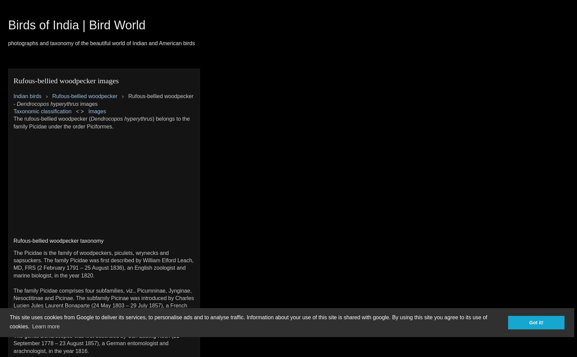 This screenshot has width=577, height=357. What do you see at coordinates (78, 103) in the screenshot?
I see `'images'` at bounding box center [78, 103].